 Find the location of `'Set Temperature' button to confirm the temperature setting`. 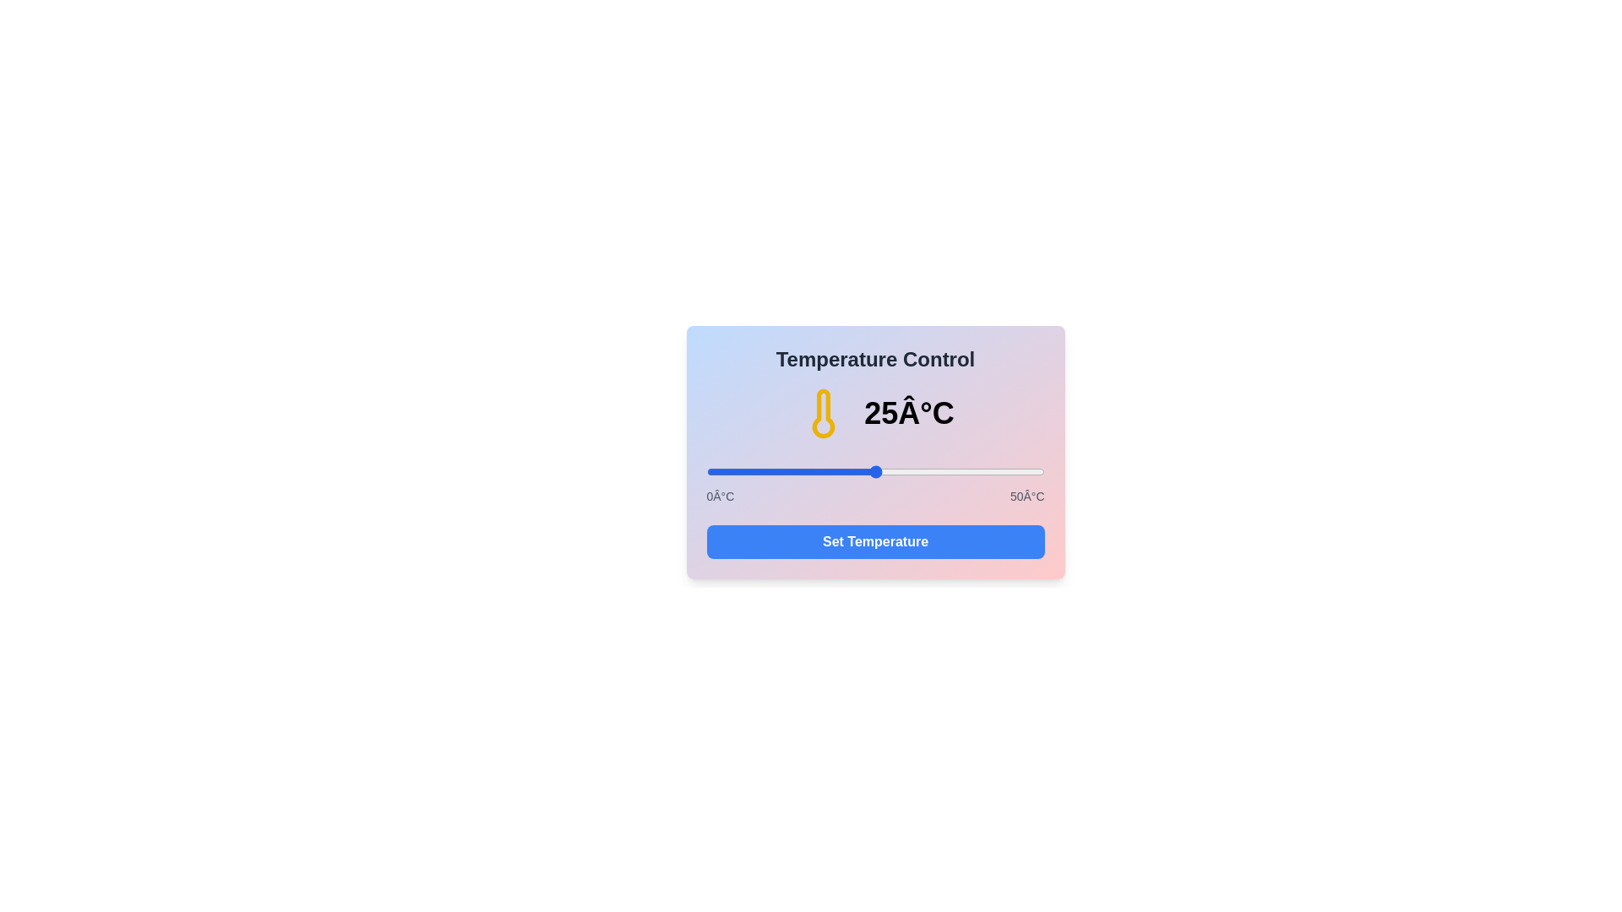

'Set Temperature' button to confirm the temperature setting is located at coordinates (875, 541).